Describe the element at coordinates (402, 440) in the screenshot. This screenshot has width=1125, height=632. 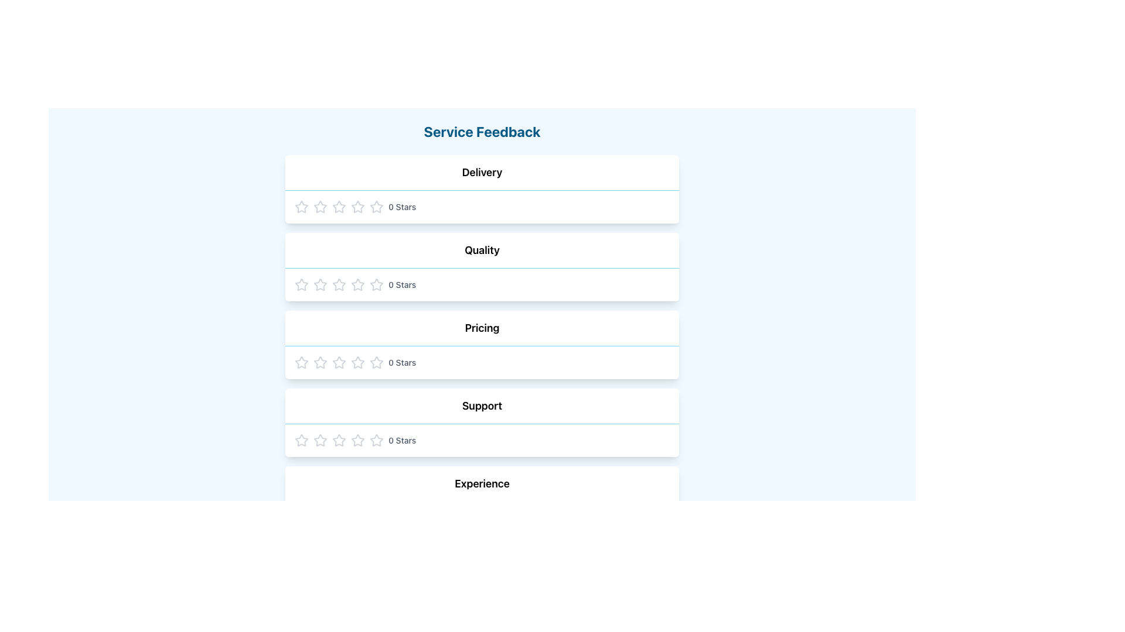
I see `the text label displaying '0 Stars', which is styled in medium-weight sans-serif font and located within the 'Support' section, aligned to the right of the star icons` at that location.